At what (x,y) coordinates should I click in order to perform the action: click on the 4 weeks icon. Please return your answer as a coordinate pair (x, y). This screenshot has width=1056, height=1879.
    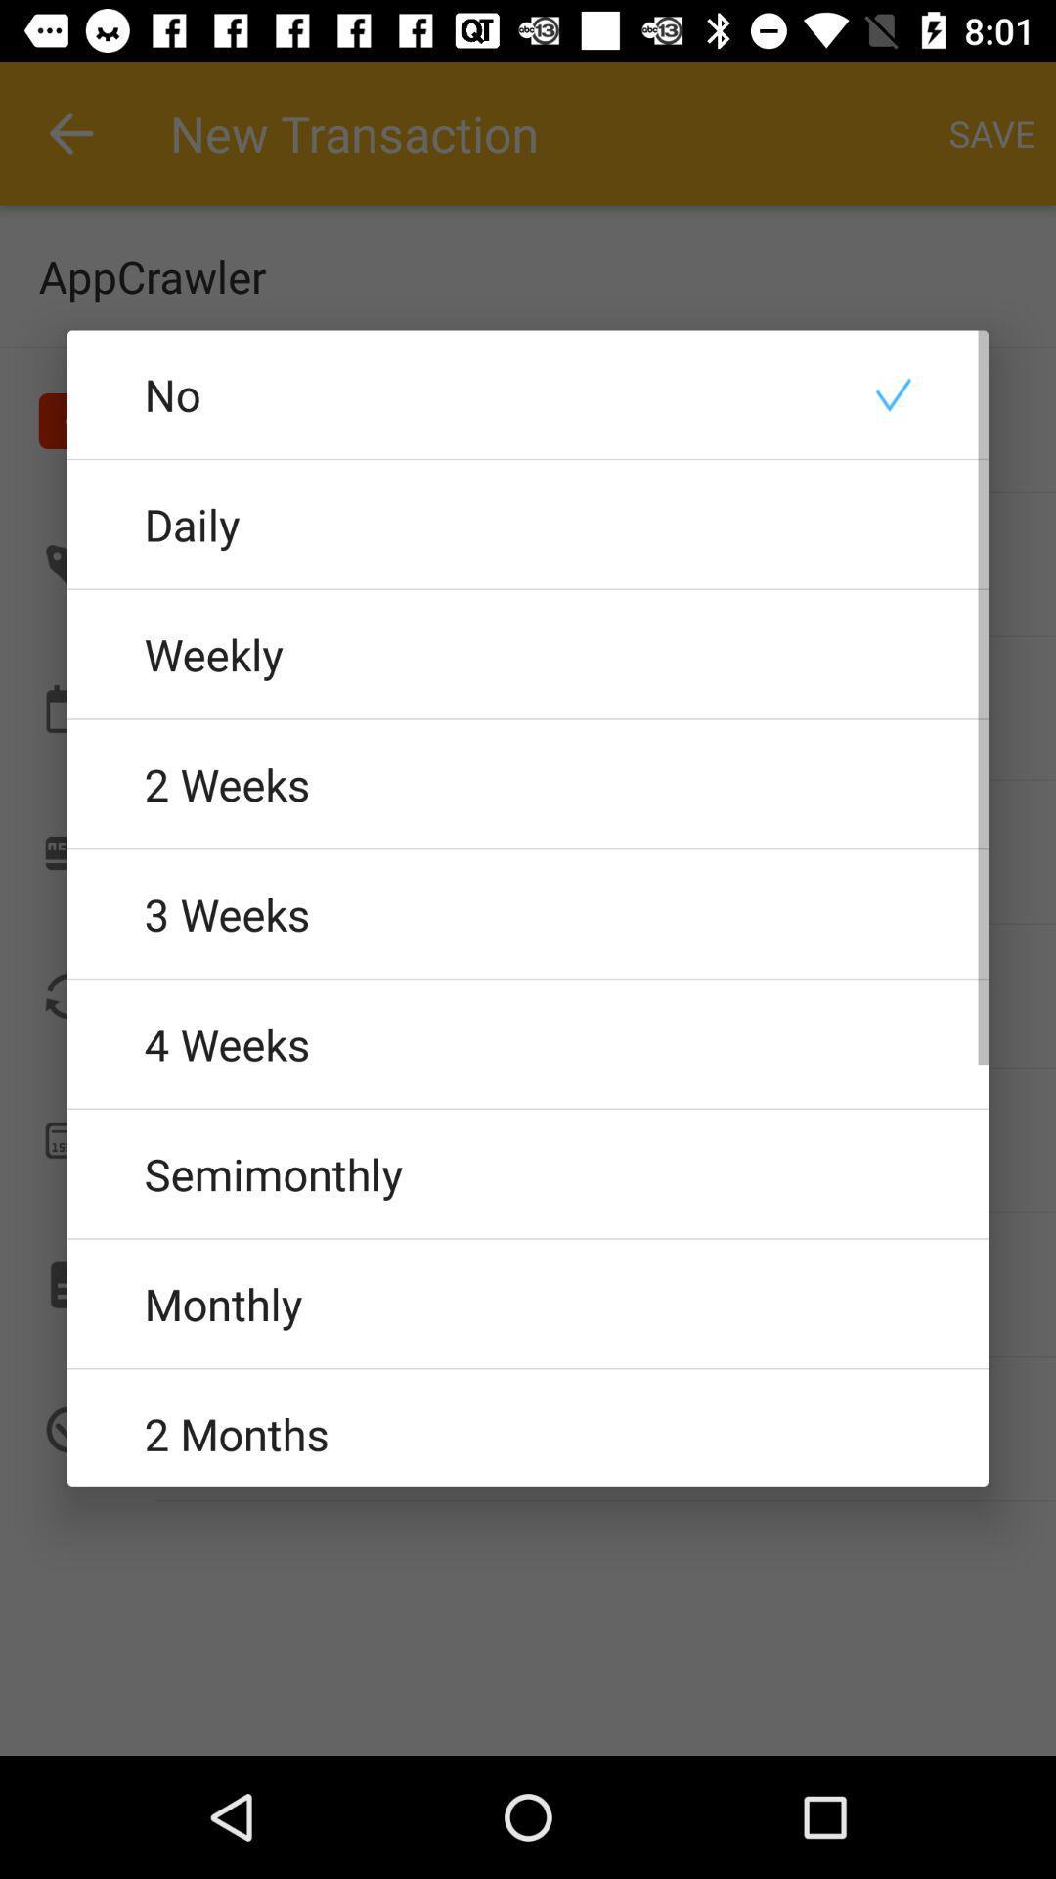
    Looking at the image, I should click on (528, 1042).